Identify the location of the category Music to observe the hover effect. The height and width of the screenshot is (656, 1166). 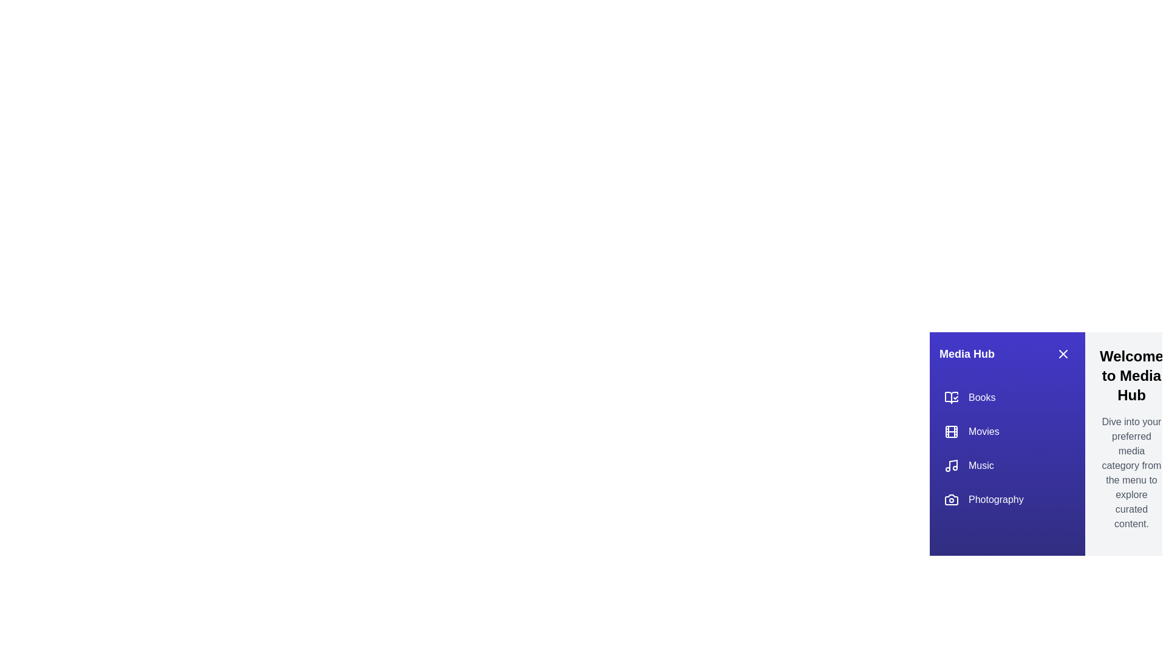
(1007, 465).